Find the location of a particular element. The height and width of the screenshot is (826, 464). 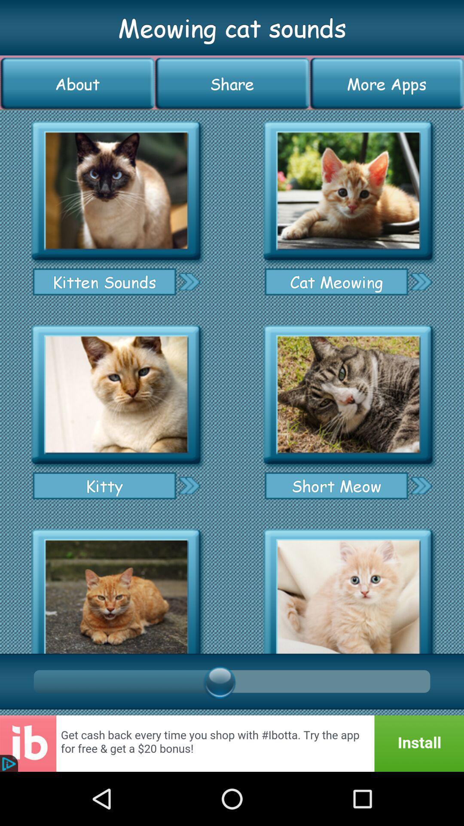

more apps item is located at coordinates (387, 83).